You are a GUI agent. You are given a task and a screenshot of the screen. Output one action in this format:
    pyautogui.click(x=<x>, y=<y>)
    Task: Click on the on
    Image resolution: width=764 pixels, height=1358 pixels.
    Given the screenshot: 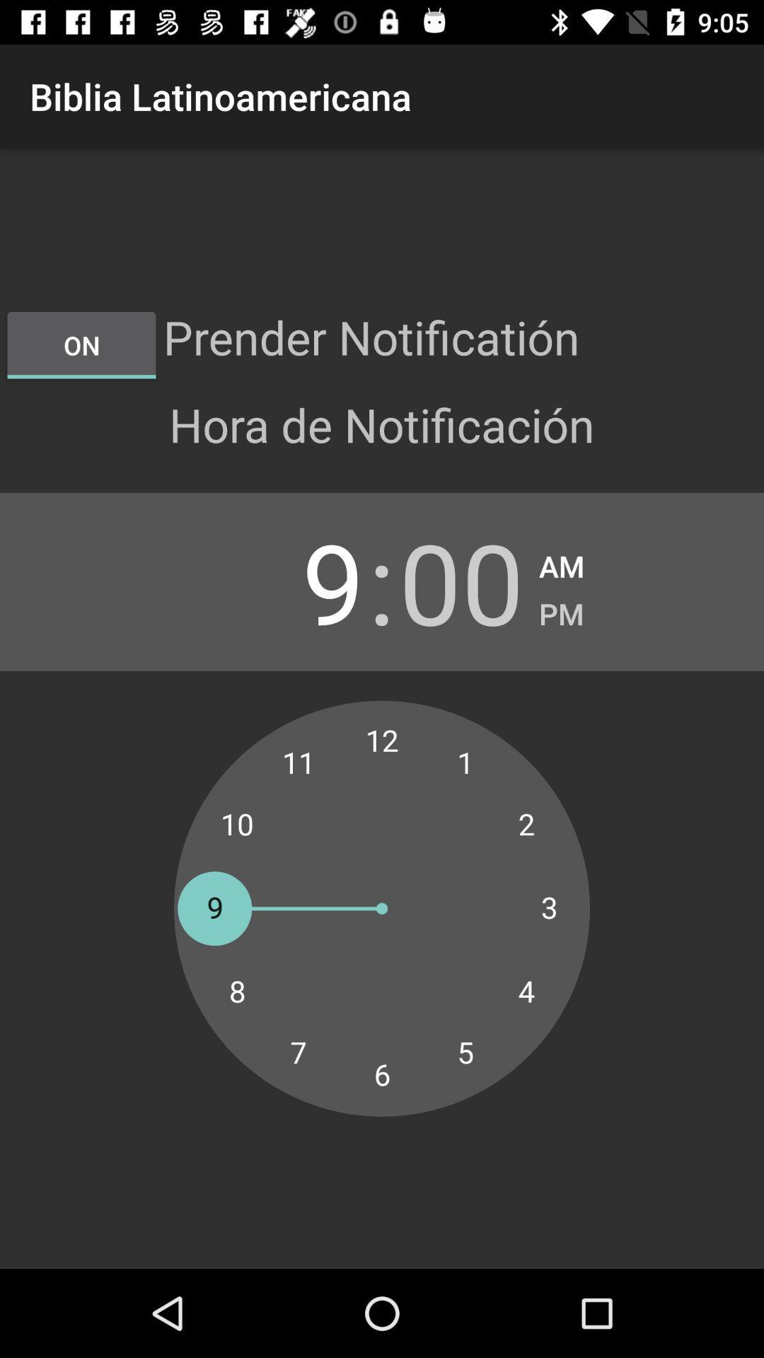 What is the action you would take?
    pyautogui.click(x=81, y=345)
    